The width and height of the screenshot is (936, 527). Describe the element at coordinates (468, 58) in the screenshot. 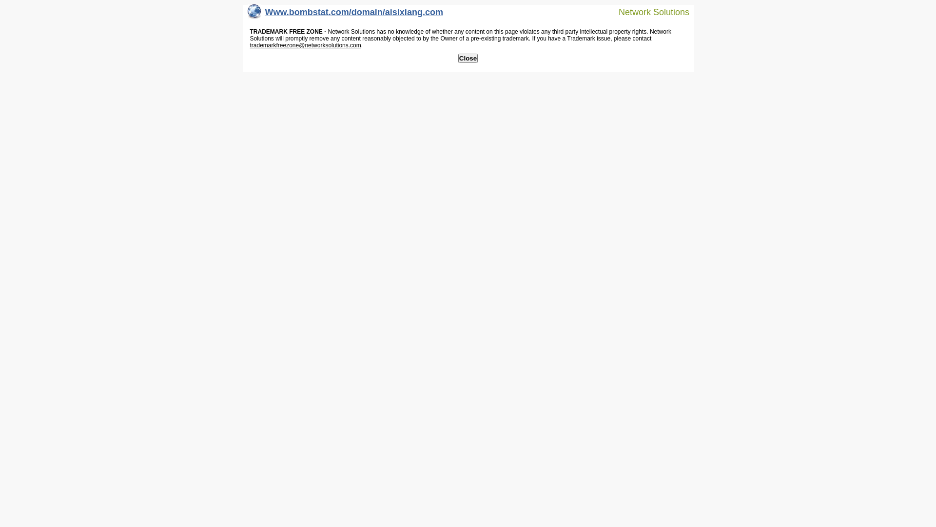

I see `'Close'` at that location.